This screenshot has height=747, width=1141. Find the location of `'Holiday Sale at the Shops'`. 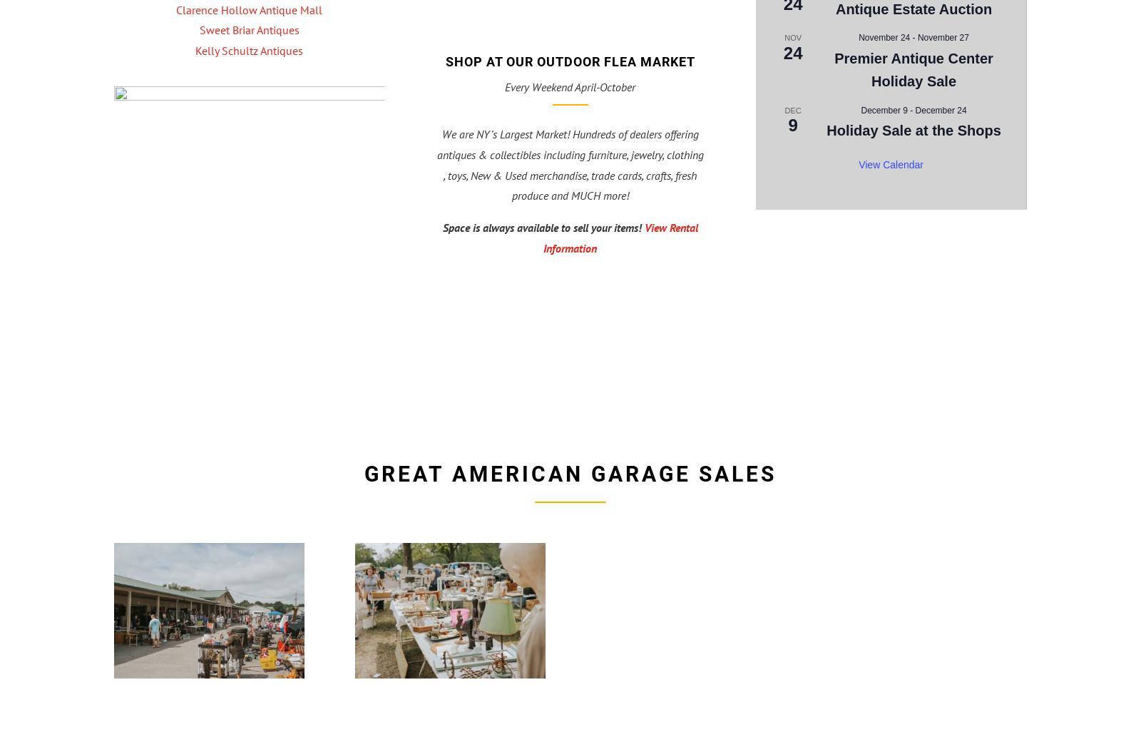

'Holiday Sale at the Shops' is located at coordinates (827, 131).